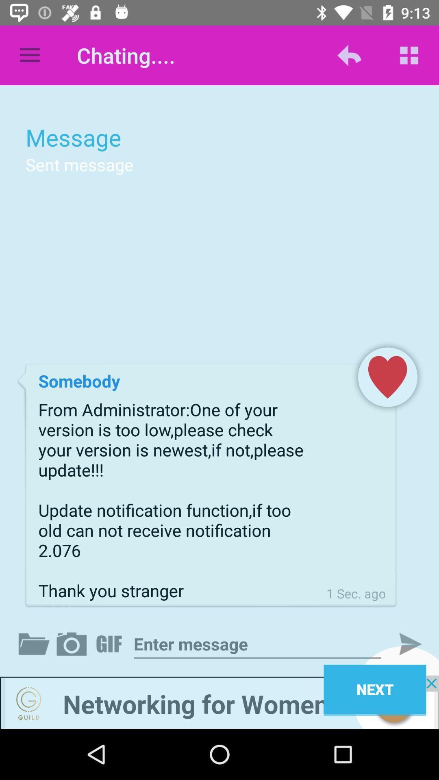 The image size is (439, 780). Describe the element at coordinates (73, 643) in the screenshot. I see `takes screen shot` at that location.